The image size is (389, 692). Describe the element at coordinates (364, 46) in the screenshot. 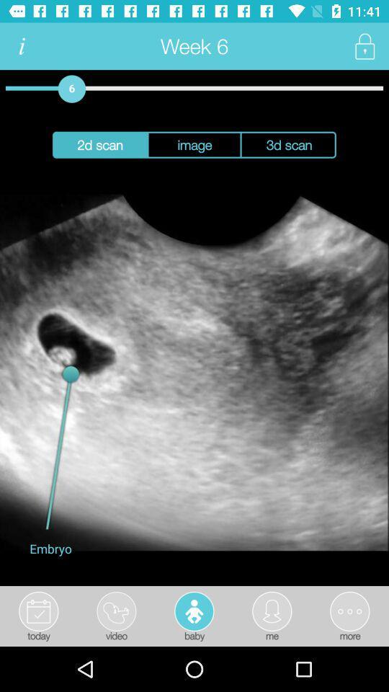

I see `item next to the week 6 item` at that location.